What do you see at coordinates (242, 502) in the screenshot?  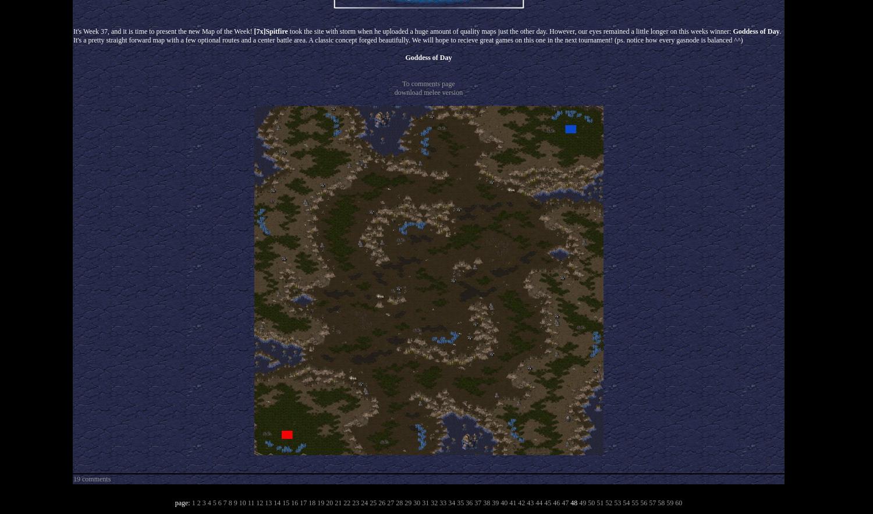 I see `'10'` at bounding box center [242, 502].